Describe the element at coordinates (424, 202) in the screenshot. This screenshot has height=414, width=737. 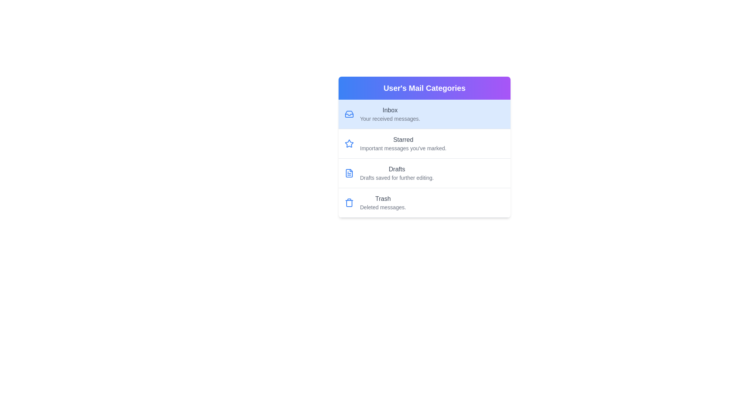
I see `the mail category item corresponding to Trash` at that location.